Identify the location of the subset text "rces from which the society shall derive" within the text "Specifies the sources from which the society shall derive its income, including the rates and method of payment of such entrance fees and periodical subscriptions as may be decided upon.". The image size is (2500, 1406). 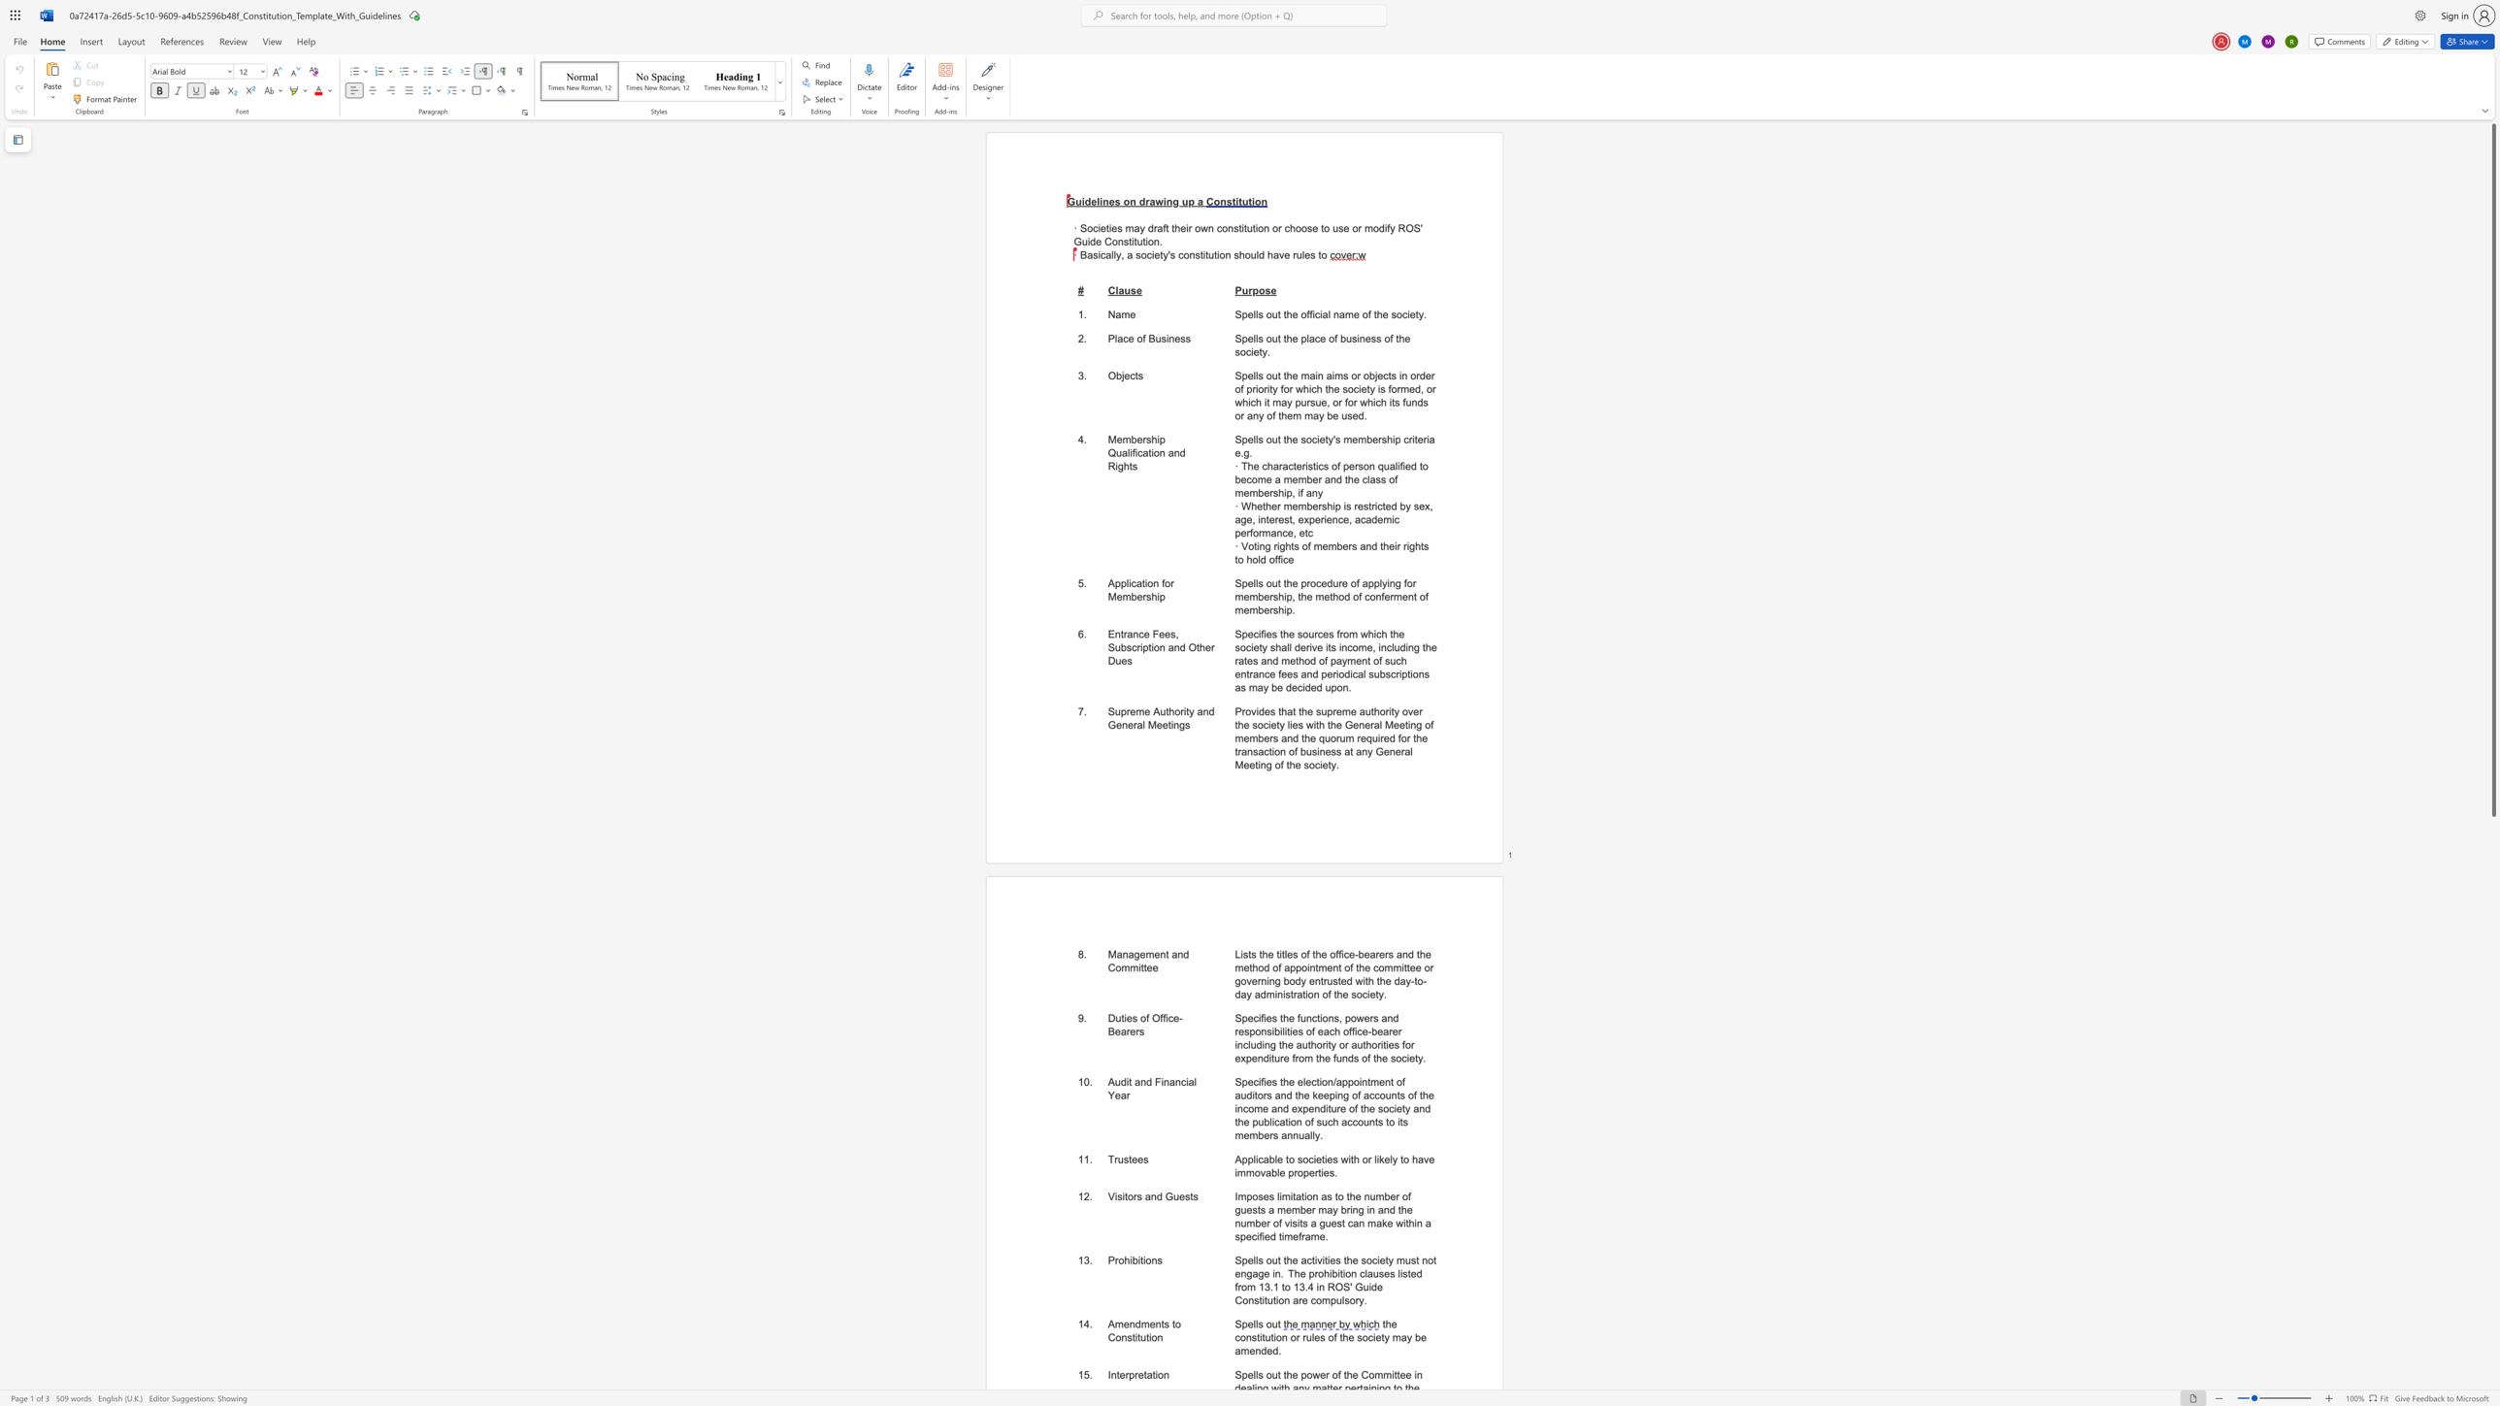
(1313, 633).